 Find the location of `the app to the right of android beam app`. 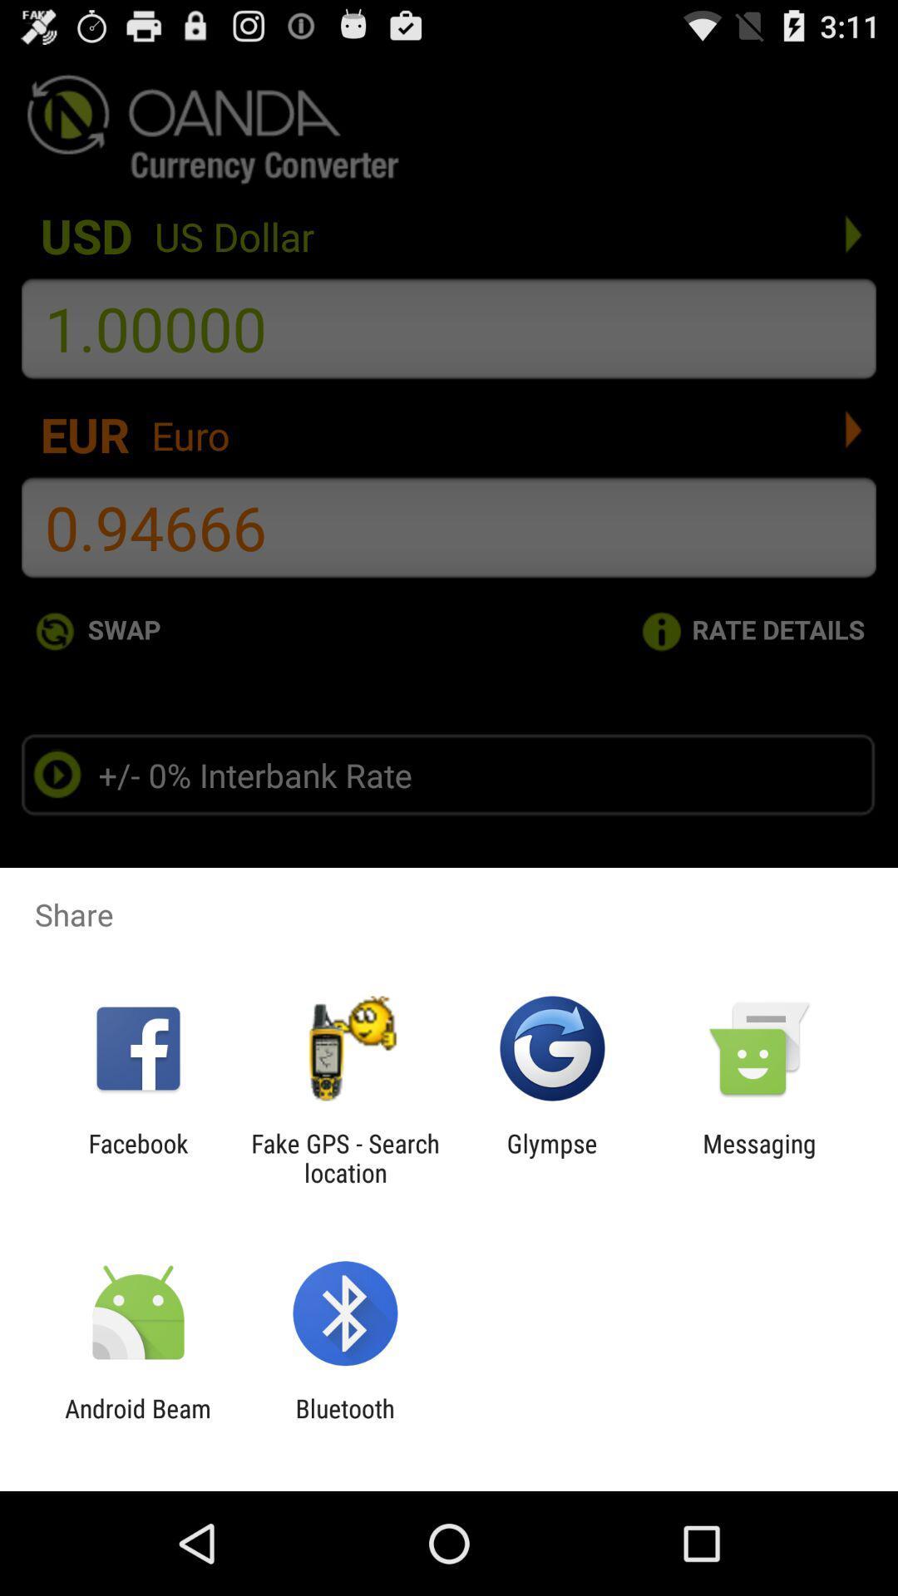

the app to the right of android beam app is located at coordinates (344, 1422).